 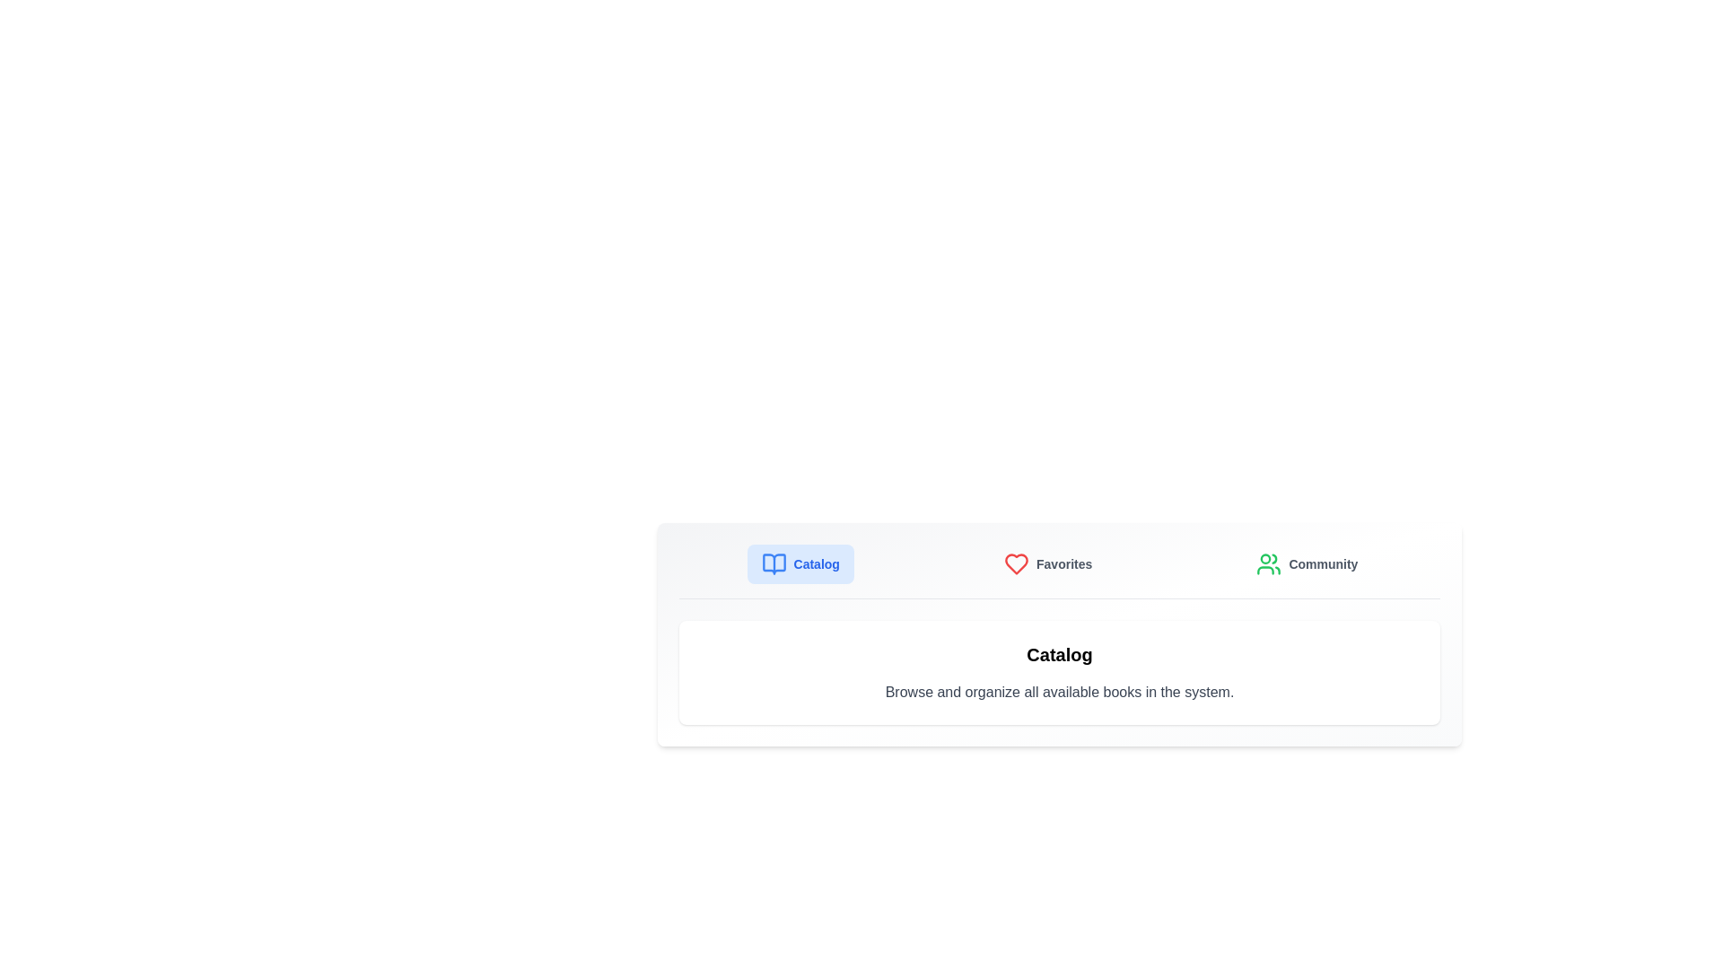 I want to click on the Catalog tab to observe visual feedback, so click(x=800, y=563).